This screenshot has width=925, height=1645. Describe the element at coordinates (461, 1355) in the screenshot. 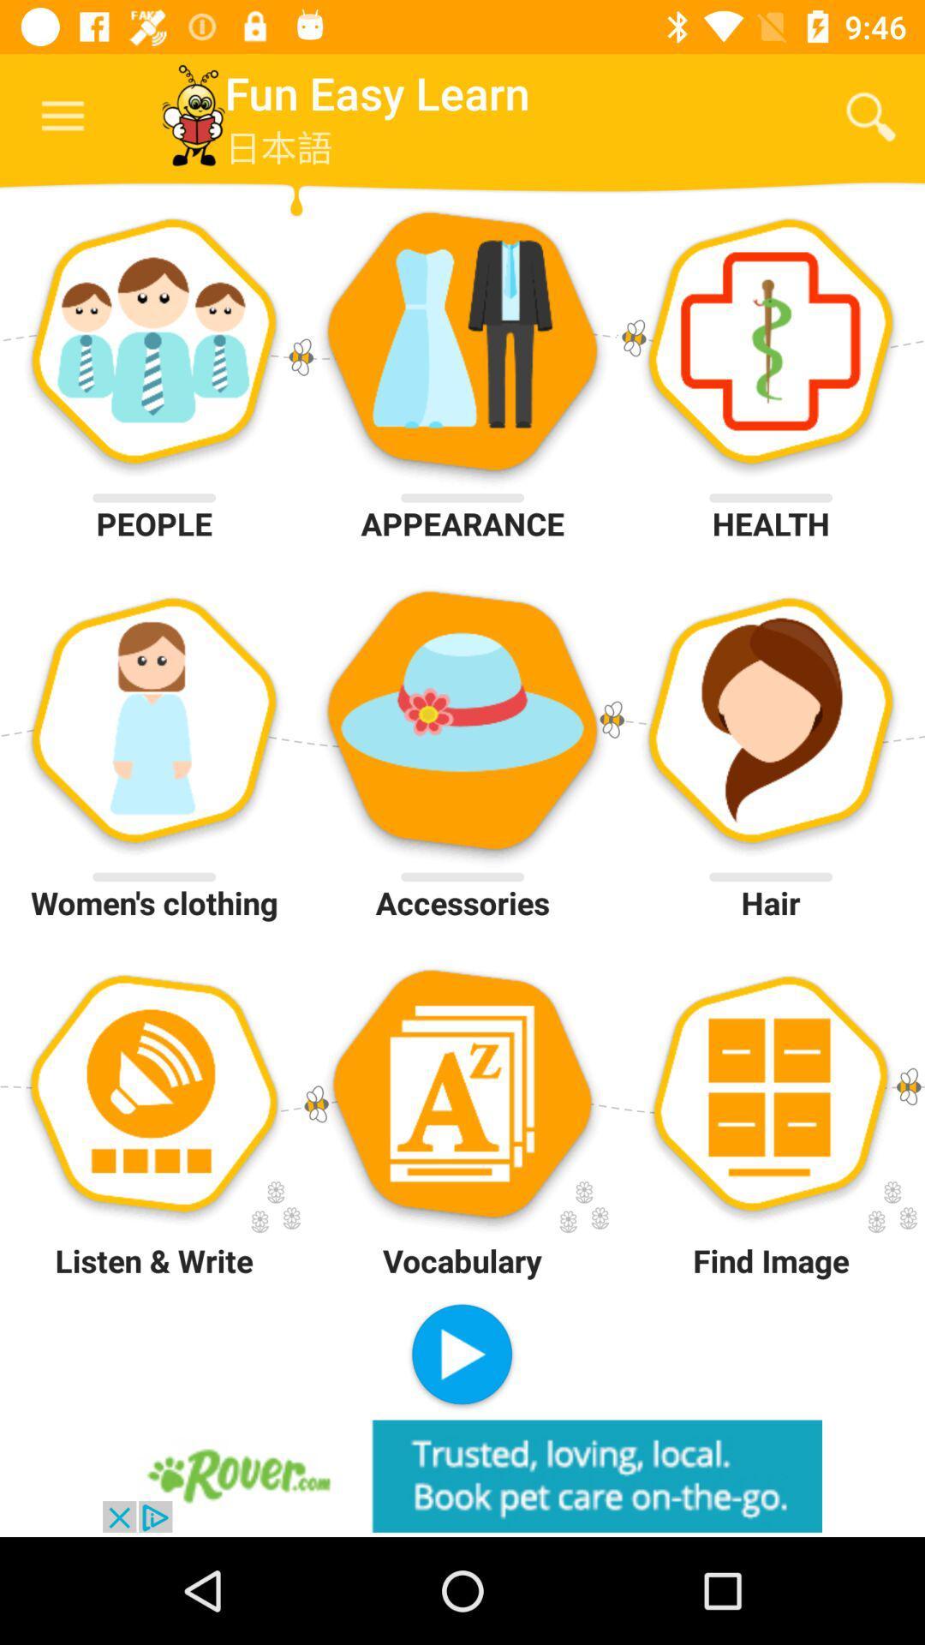

I see `icon to the right of the listen & write item` at that location.